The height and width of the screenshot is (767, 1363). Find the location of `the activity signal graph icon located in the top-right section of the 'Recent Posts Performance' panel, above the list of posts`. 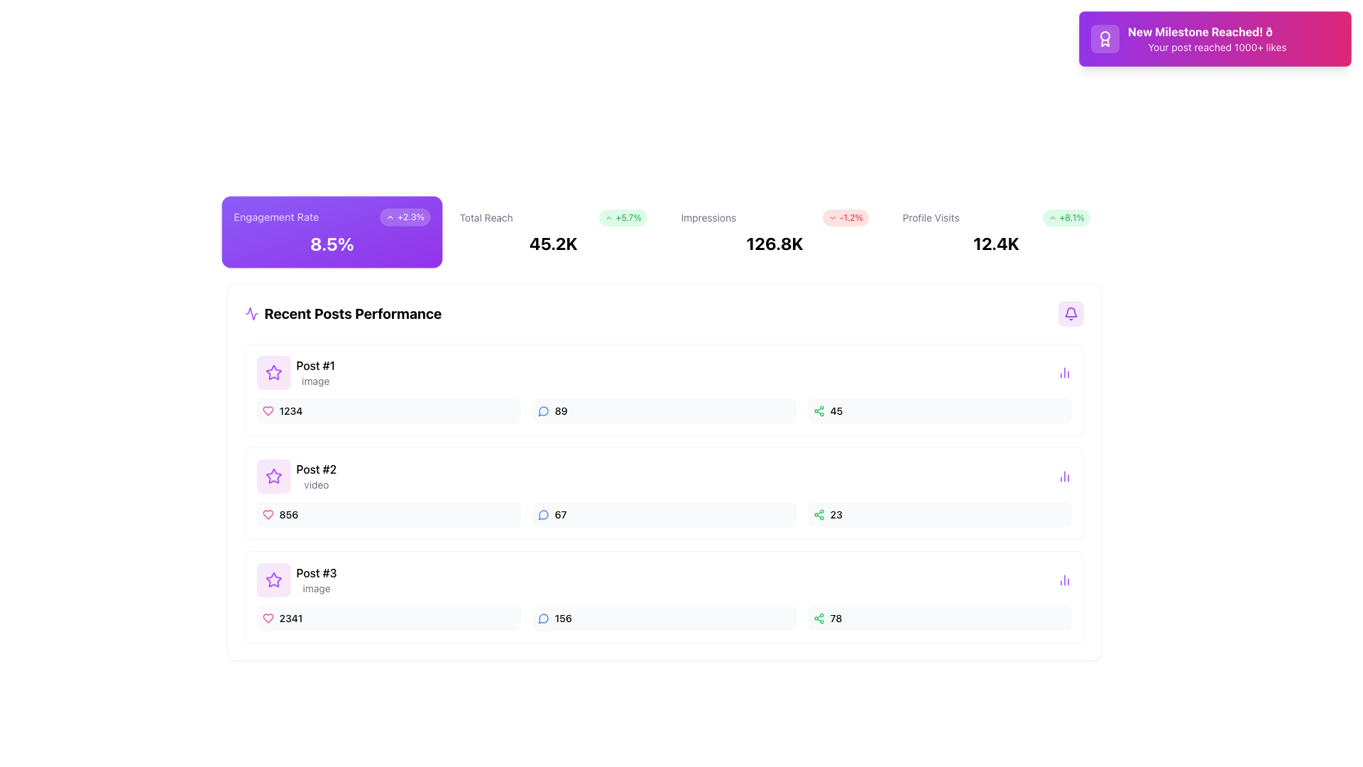

the activity signal graph icon located in the top-right section of the 'Recent Posts Performance' panel, above the list of posts is located at coordinates (251, 313).